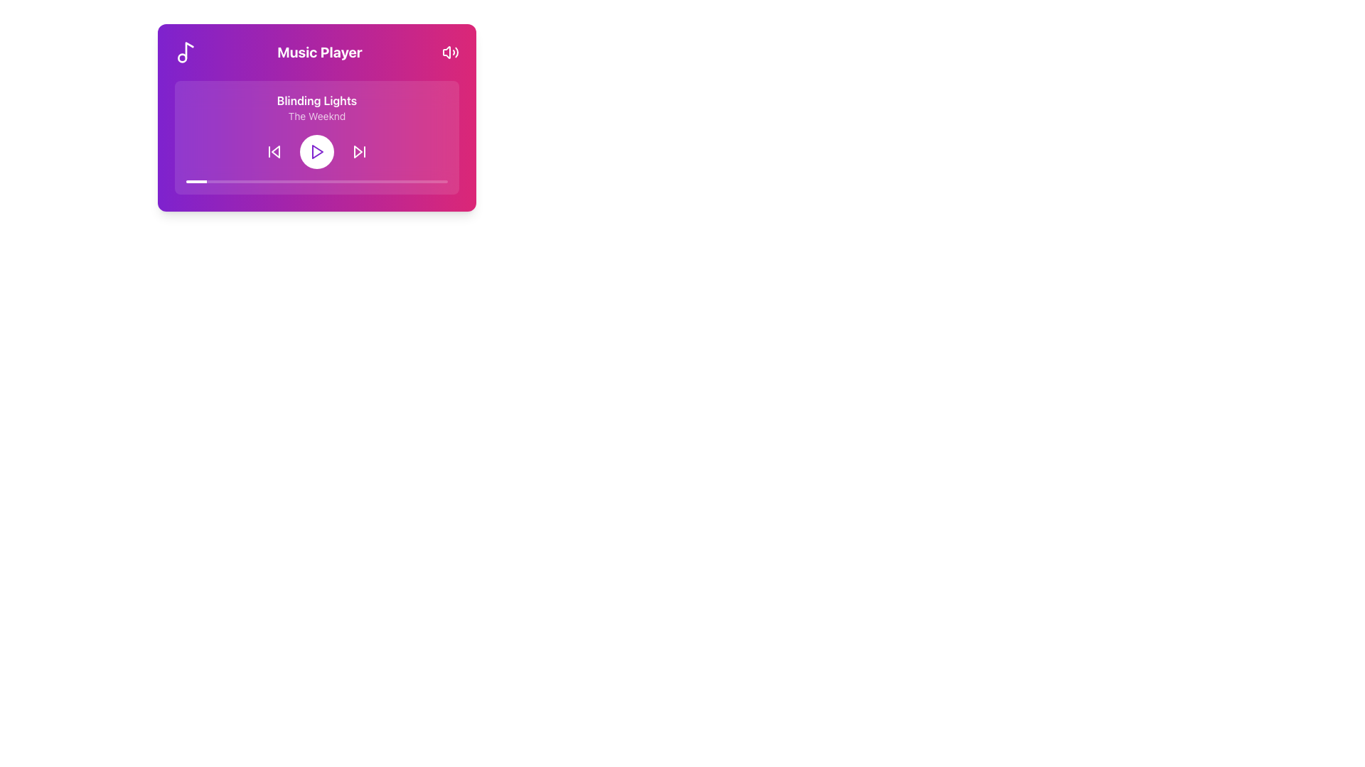 This screenshot has width=1365, height=767. Describe the element at coordinates (274, 151) in the screenshot. I see `the previous track button located in the music player interface, positioned left of the play button and right of the progress bar` at that location.